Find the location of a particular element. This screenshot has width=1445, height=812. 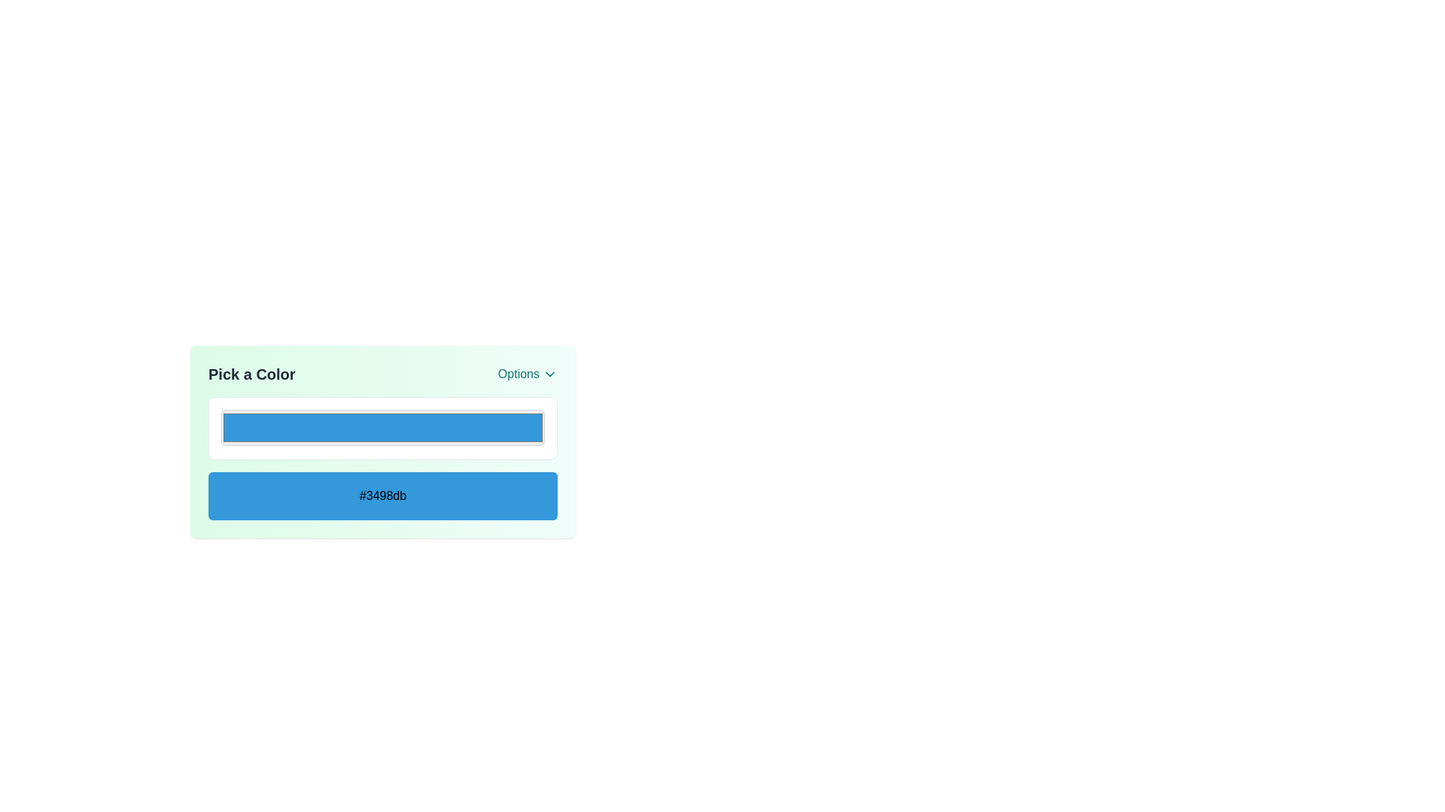

the displayed text in the rectangular area with a light blue background that contains the bold text label stating '#3498db', positioned above the bottom-most element and below a narrow color selection bar is located at coordinates (382, 479).